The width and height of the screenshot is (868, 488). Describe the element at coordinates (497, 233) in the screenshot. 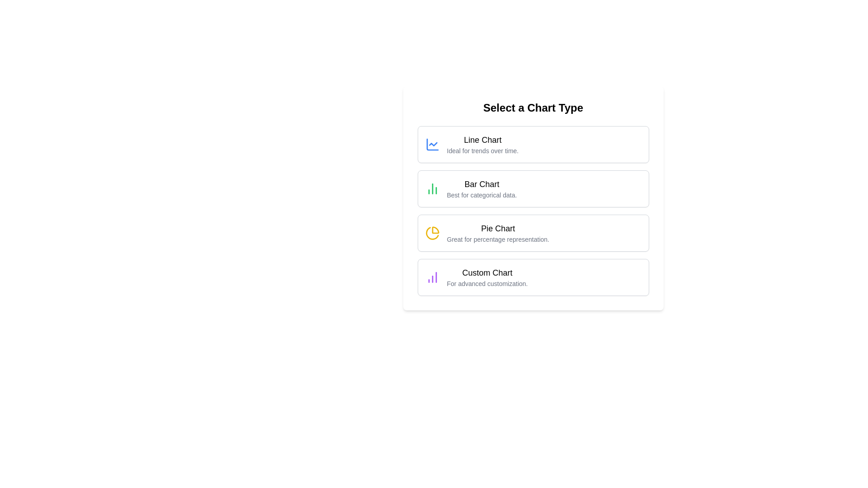

I see `the text label for the pie chart option, which is the third item in the list of chart type options` at that location.